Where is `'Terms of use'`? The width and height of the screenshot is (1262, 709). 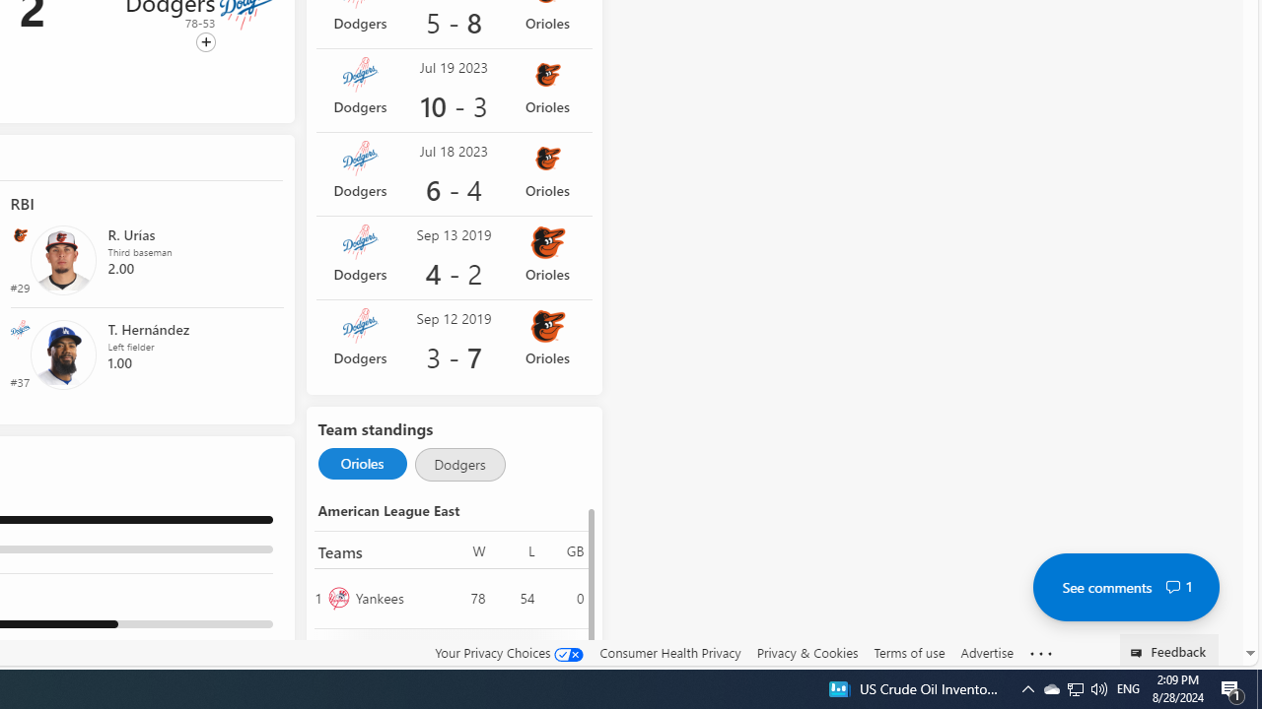 'Terms of use' is located at coordinates (908, 653).